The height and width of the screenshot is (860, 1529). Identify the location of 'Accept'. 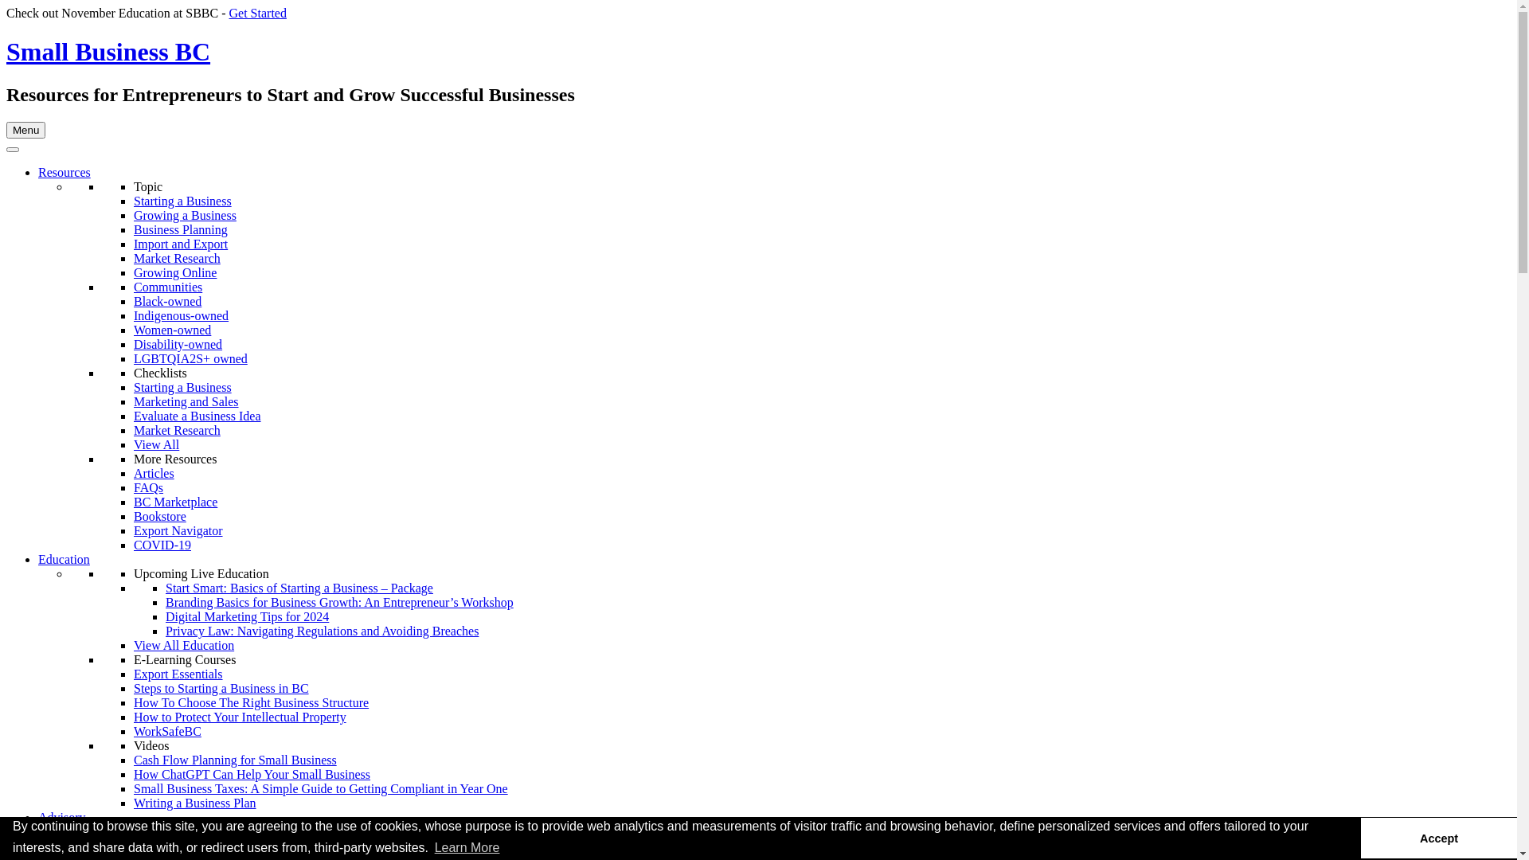
(1438, 837).